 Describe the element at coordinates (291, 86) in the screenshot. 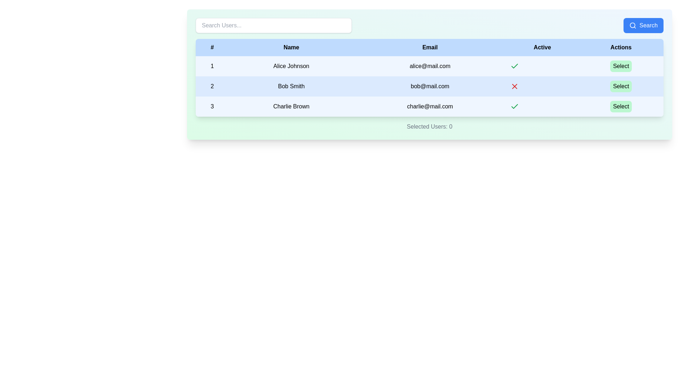

I see `the text 'Bob Smith' displayed in the second row of the table under the 'Name' column` at that location.